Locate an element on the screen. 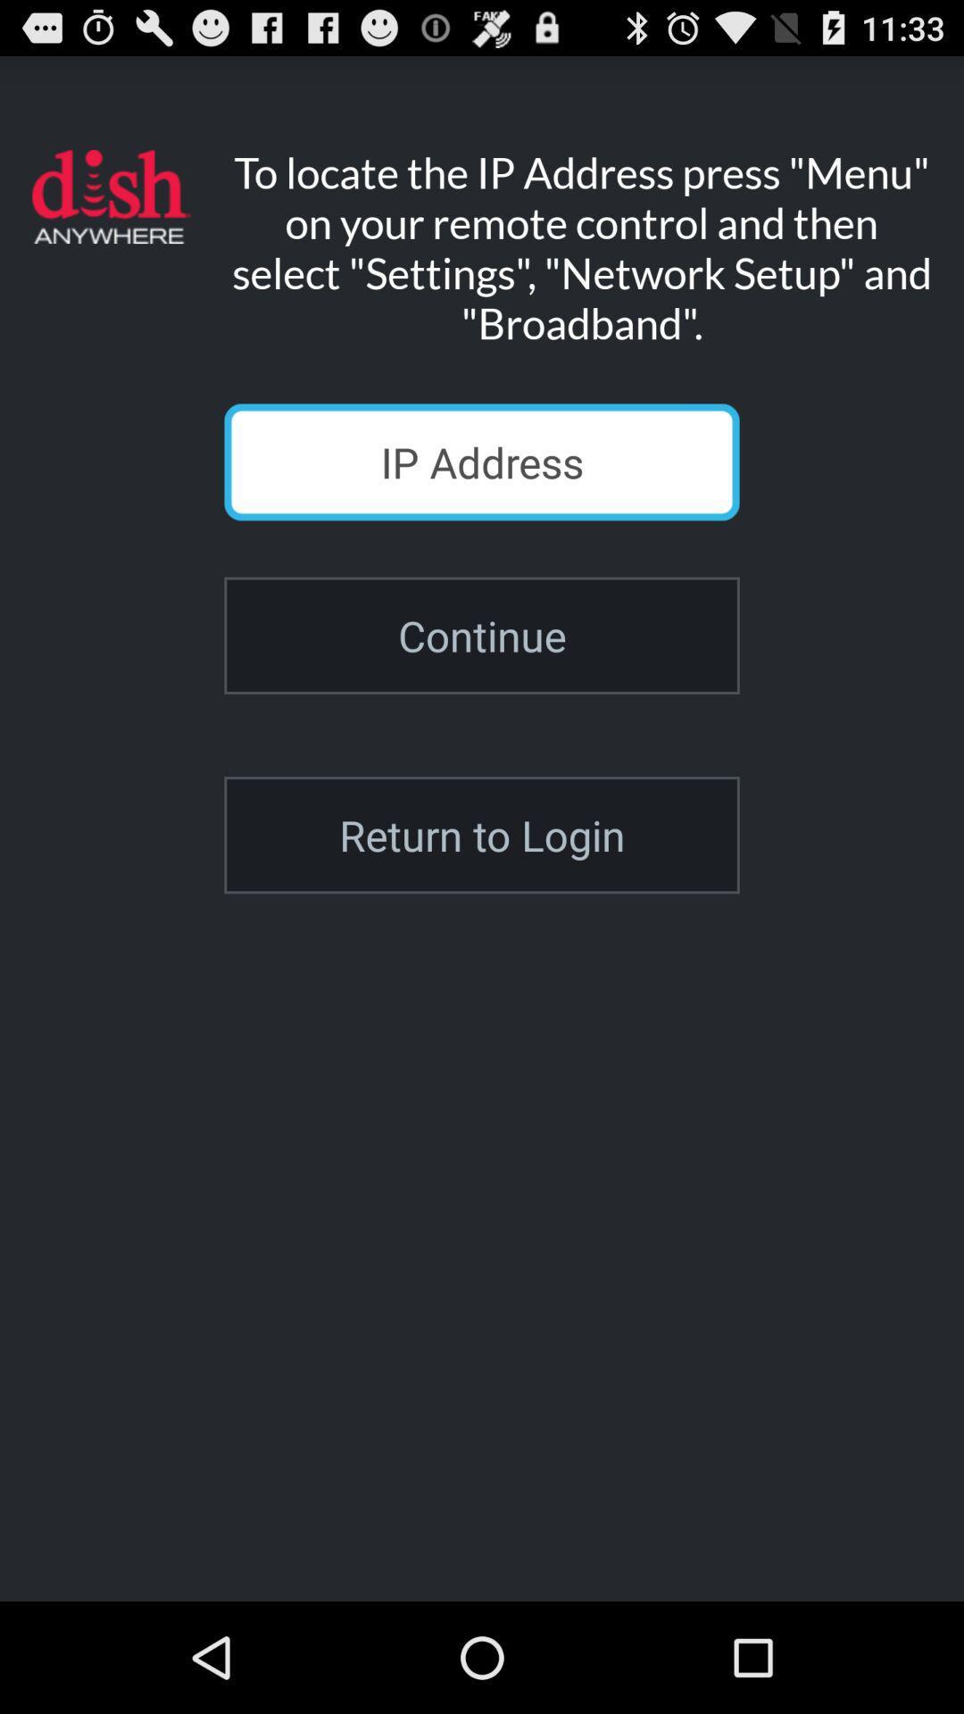 The height and width of the screenshot is (1714, 964). the return to login icon is located at coordinates (482, 834).